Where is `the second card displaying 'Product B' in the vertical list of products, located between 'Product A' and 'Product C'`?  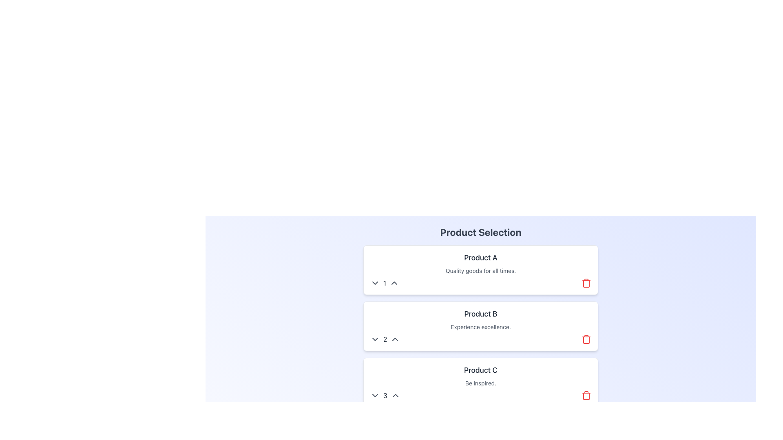
the second card displaying 'Product B' in the vertical list of products, located between 'Product A' and 'Product C' is located at coordinates (481, 326).